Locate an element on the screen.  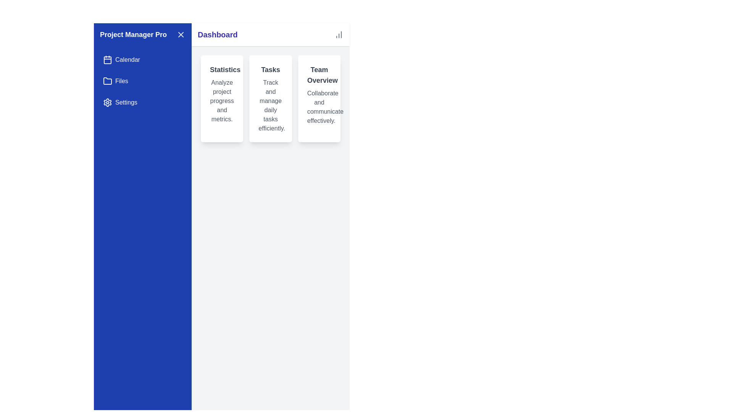
the settings button located in the sidebar menu, which is the third item below 'Calendar' and 'Files' is located at coordinates (143, 102).